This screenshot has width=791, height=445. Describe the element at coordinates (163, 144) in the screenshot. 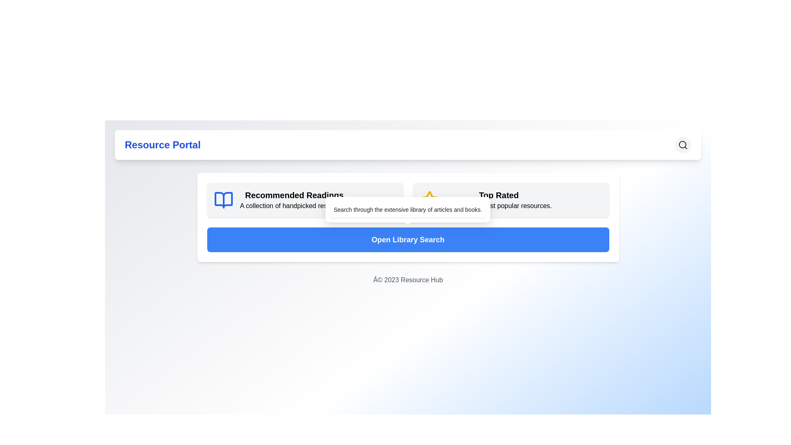

I see `the 'Resource Portal' text label, which is styled in bold, large blue font and serves as part of the navigational header` at that location.